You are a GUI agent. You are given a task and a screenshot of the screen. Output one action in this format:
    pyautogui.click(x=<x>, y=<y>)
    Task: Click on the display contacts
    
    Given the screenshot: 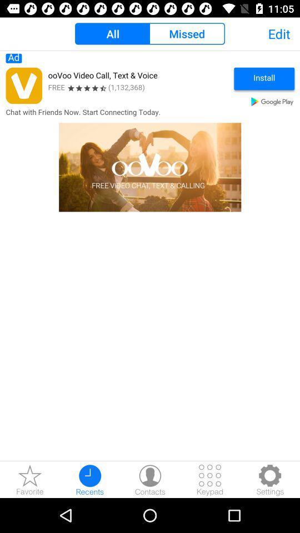 What is the action you would take?
    pyautogui.click(x=150, y=479)
    